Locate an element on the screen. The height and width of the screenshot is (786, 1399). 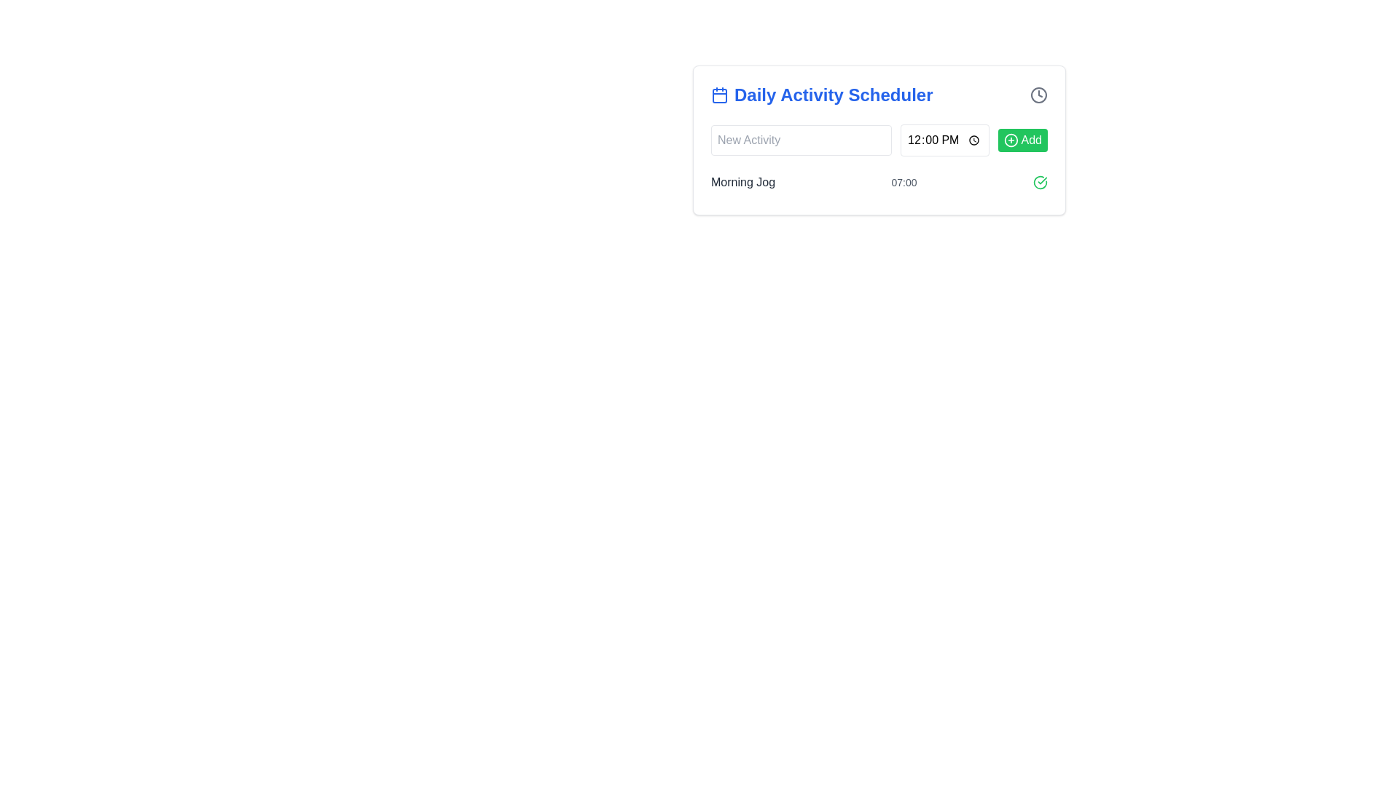
the static text element that represents the scheduled time for 'Morning Jog', which is positioned to the right of the 'Morning Jog' text is located at coordinates (904, 181).